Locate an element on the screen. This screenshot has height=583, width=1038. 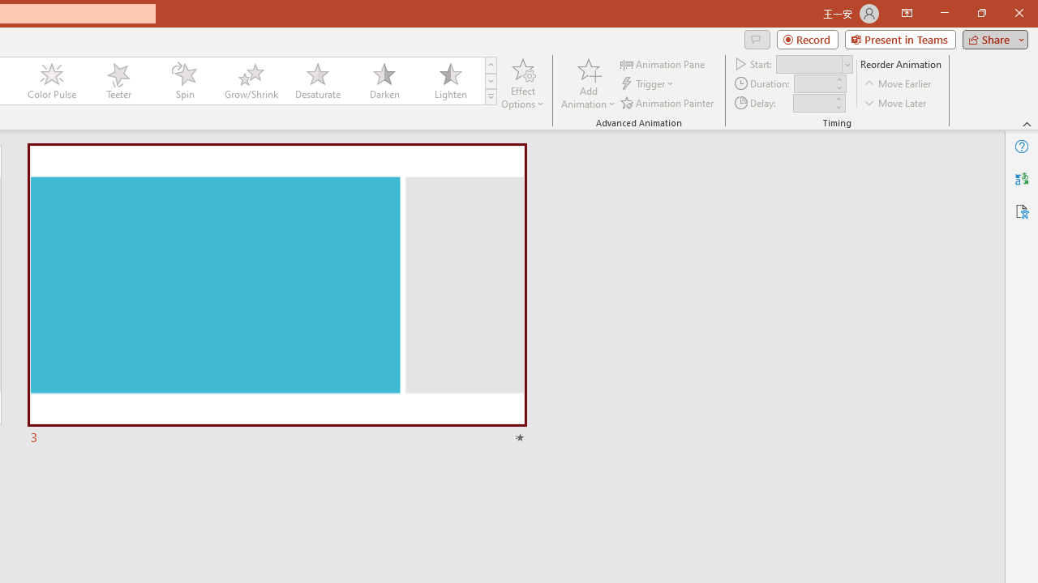
'Animation Duration' is located at coordinates (813, 83).